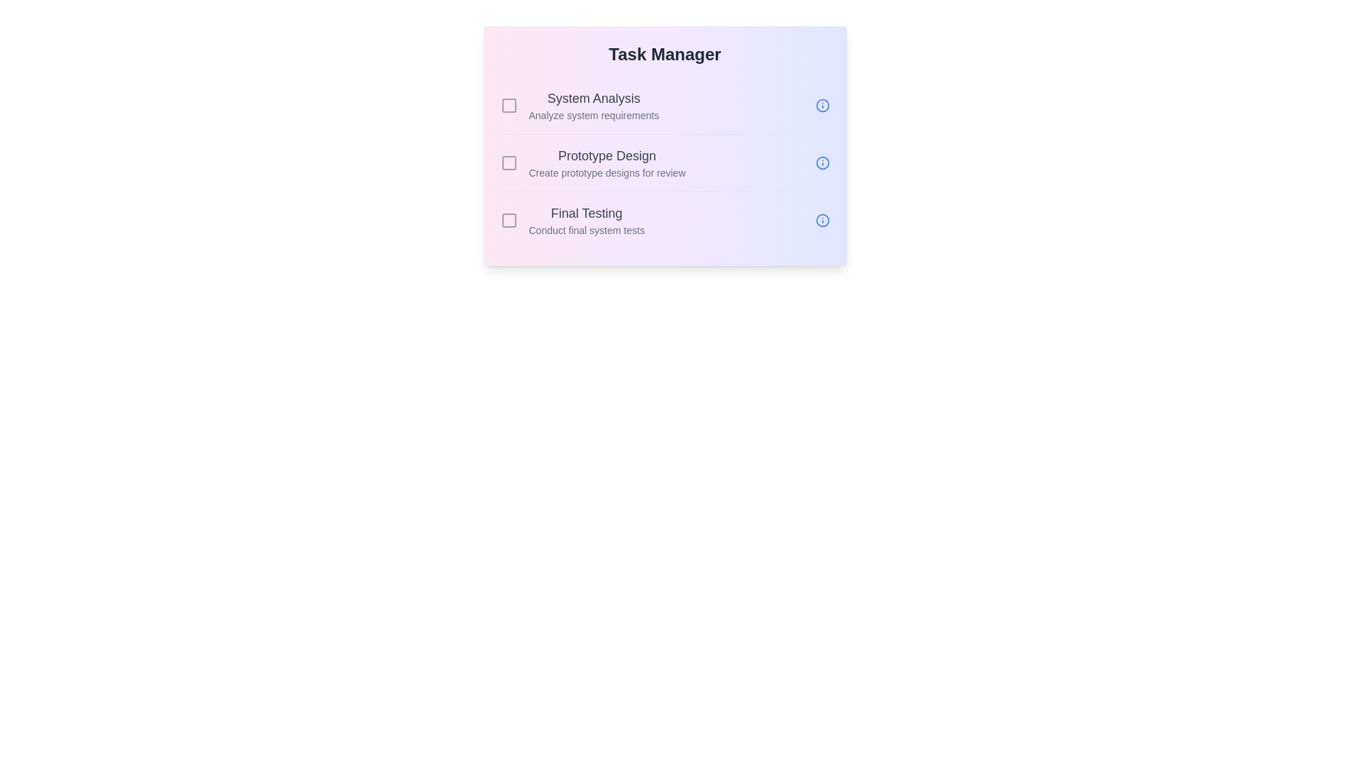 The height and width of the screenshot is (766, 1362). I want to click on information icon for the task System Analysis, so click(822, 105).